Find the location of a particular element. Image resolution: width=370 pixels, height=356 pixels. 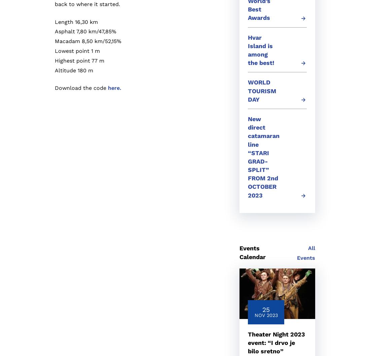

'Download the code' is located at coordinates (81, 88).